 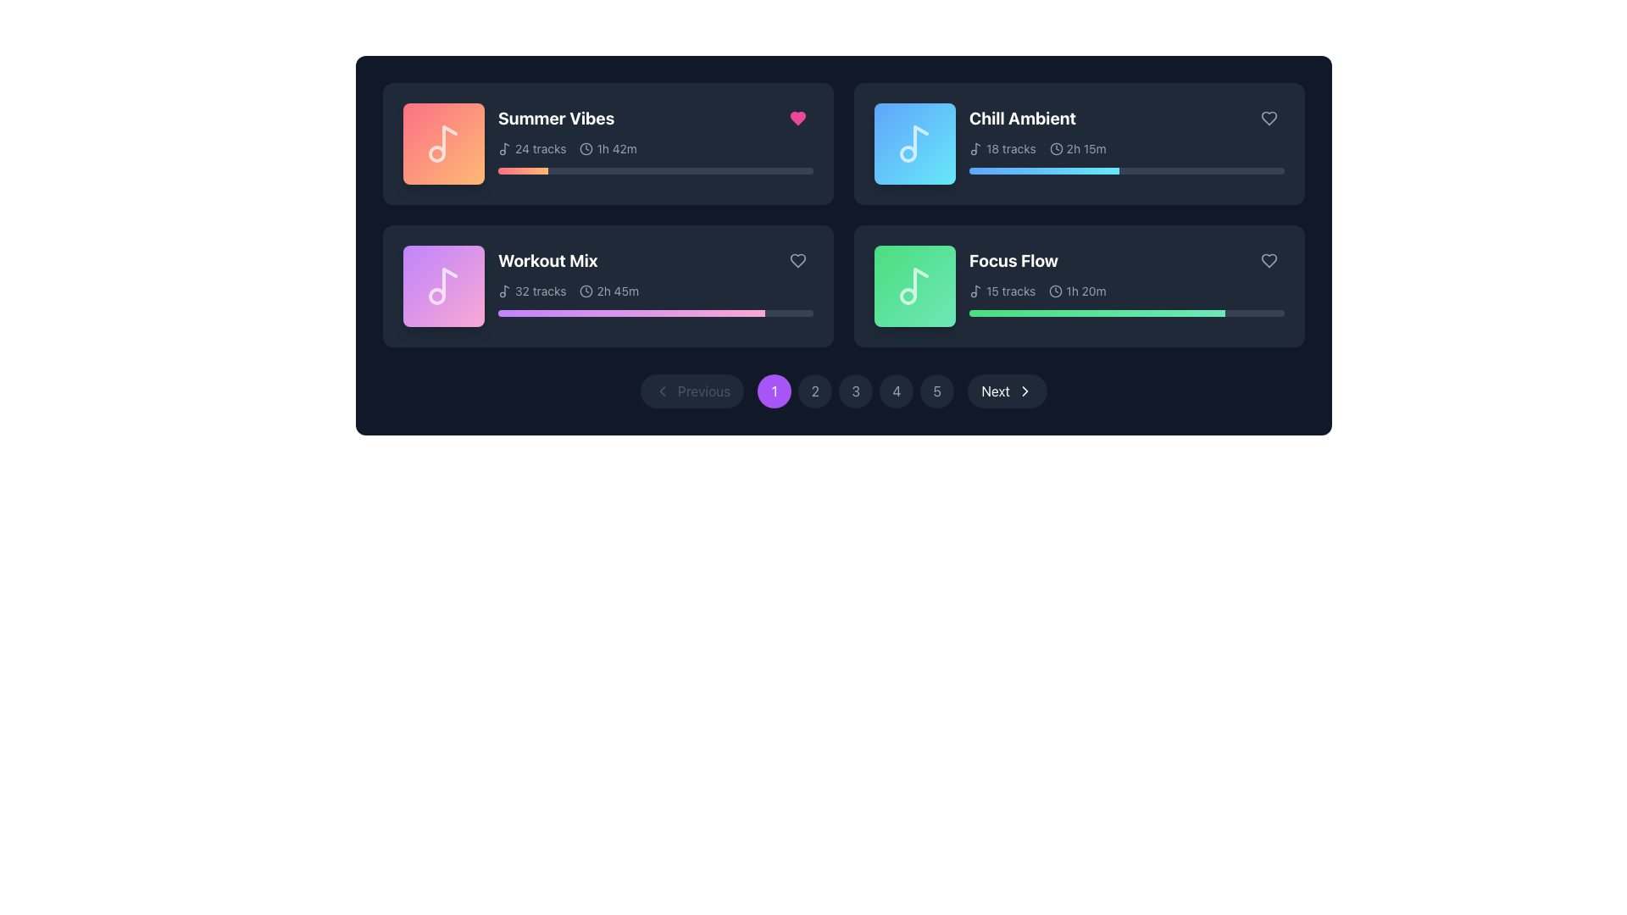 What do you see at coordinates (436, 153) in the screenshot?
I see `the decorative circle element that is part of the music note SVG graphic located in the upper-left card labeled 'Summer Vibes'` at bounding box center [436, 153].